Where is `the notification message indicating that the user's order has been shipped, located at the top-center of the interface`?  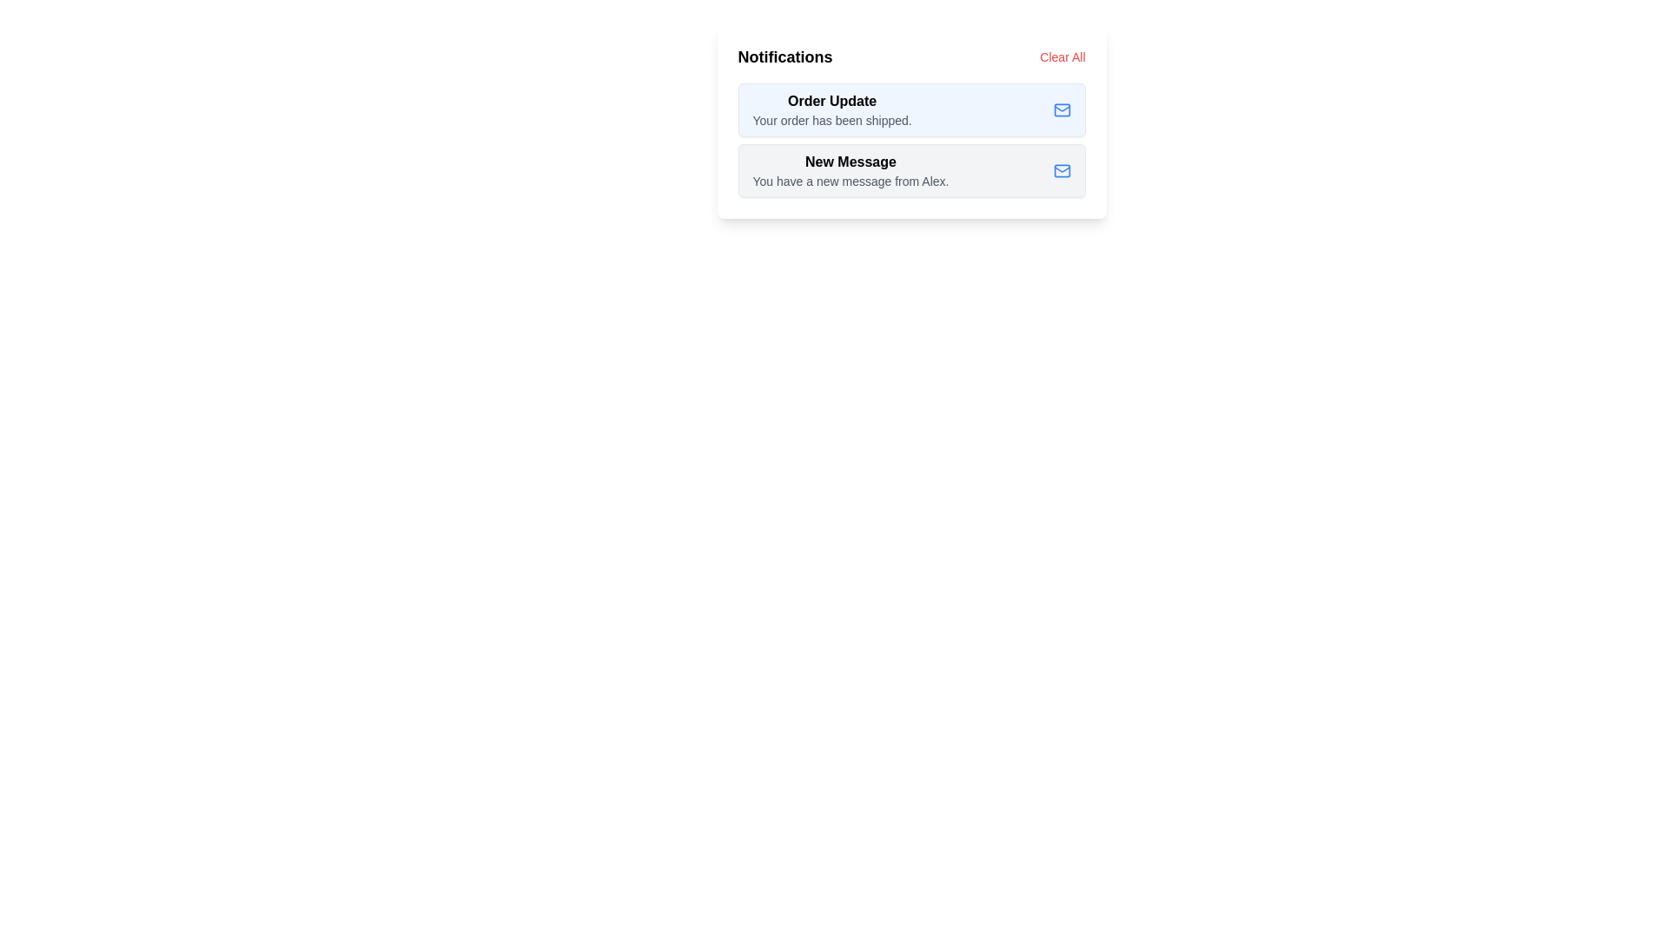 the notification message indicating that the user's order has been shipped, located at the top-center of the interface is located at coordinates (831, 110).